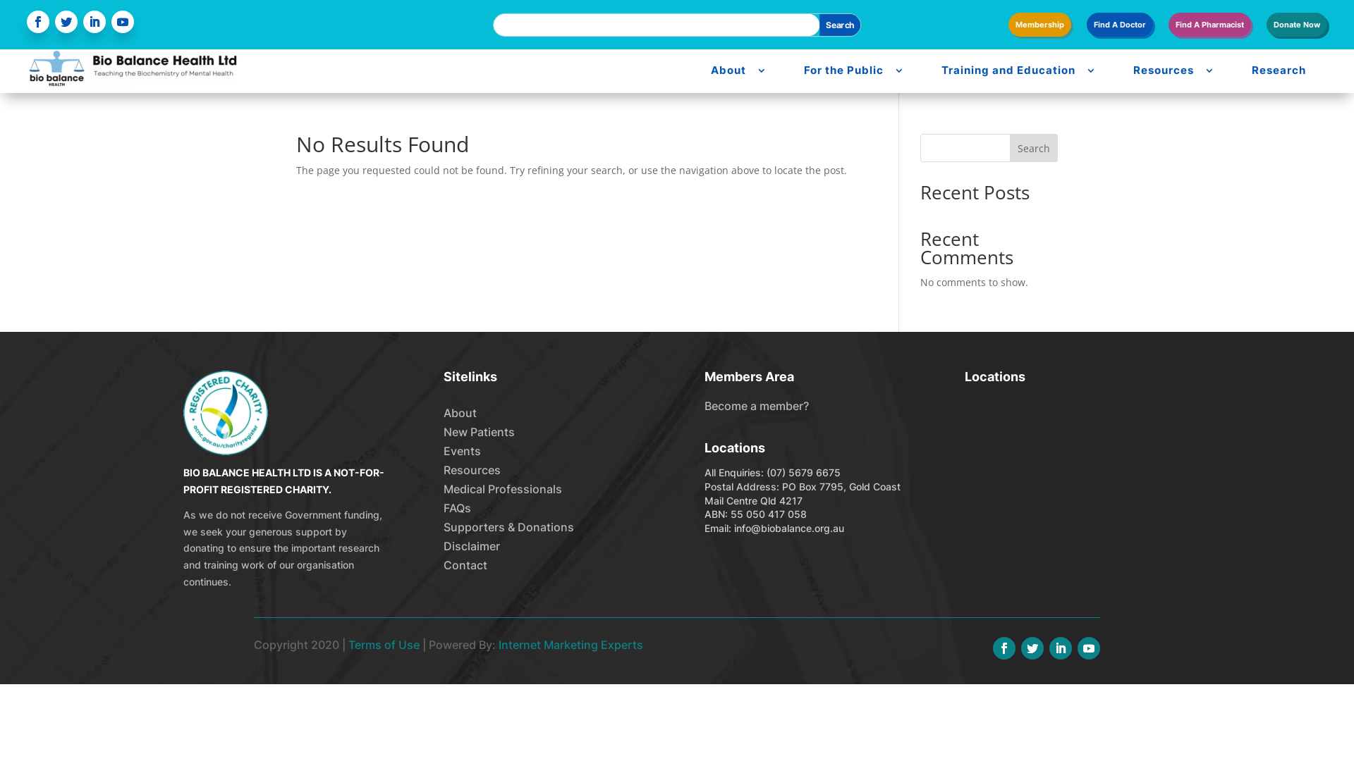  I want to click on 'Resources', so click(472, 470).